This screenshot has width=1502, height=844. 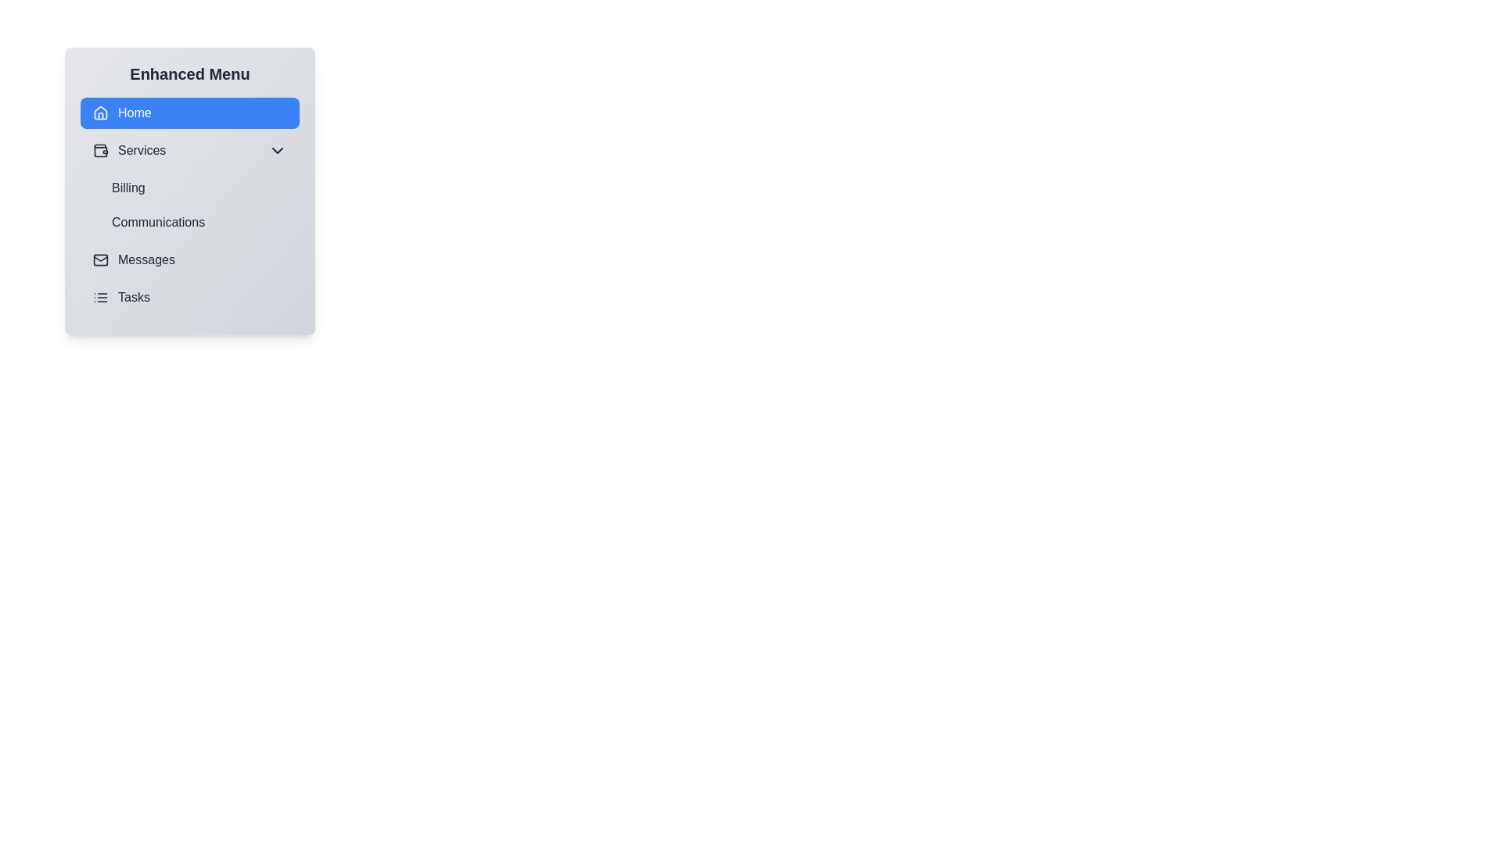 What do you see at coordinates (135, 113) in the screenshot?
I see `the 'Home' label or navigation link located in the vertical navigation menu near the top, which is accompanied by a house icon to its left` at bounding box center [135, 113].